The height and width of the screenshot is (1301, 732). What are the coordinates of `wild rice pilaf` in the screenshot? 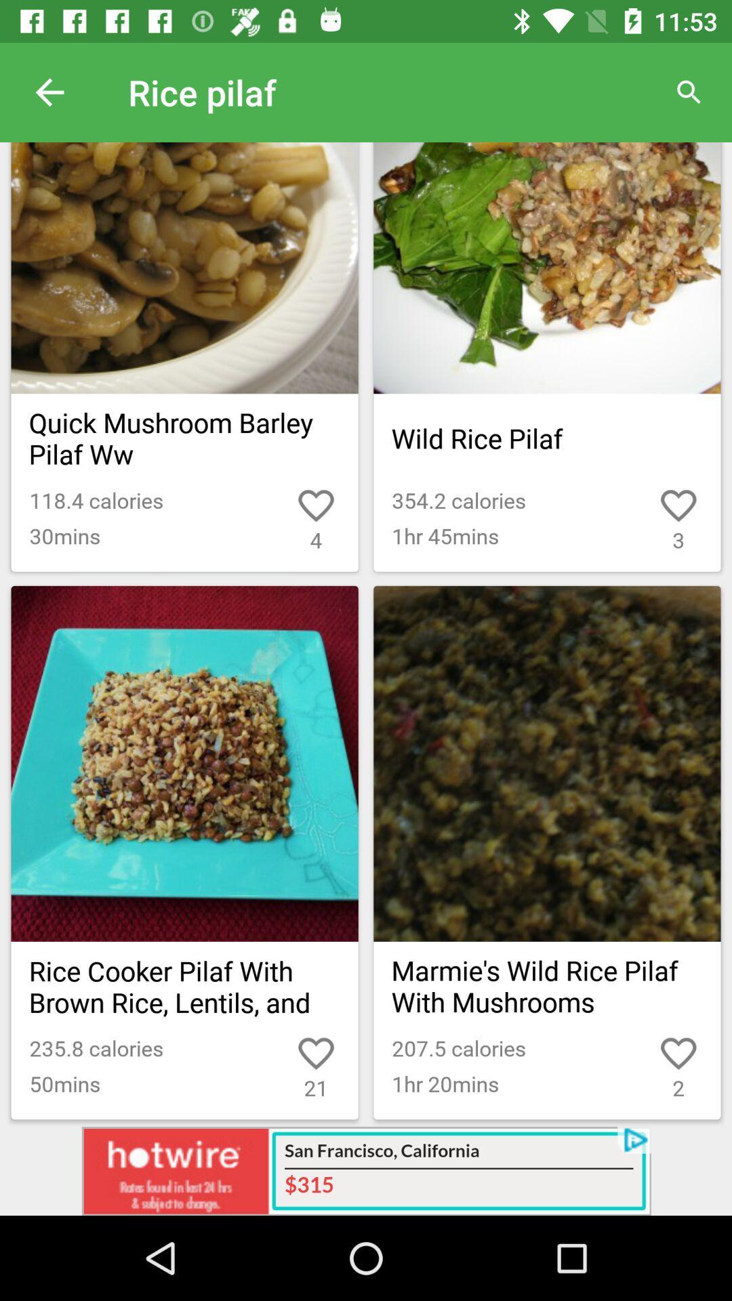 It's located at (546, 438).